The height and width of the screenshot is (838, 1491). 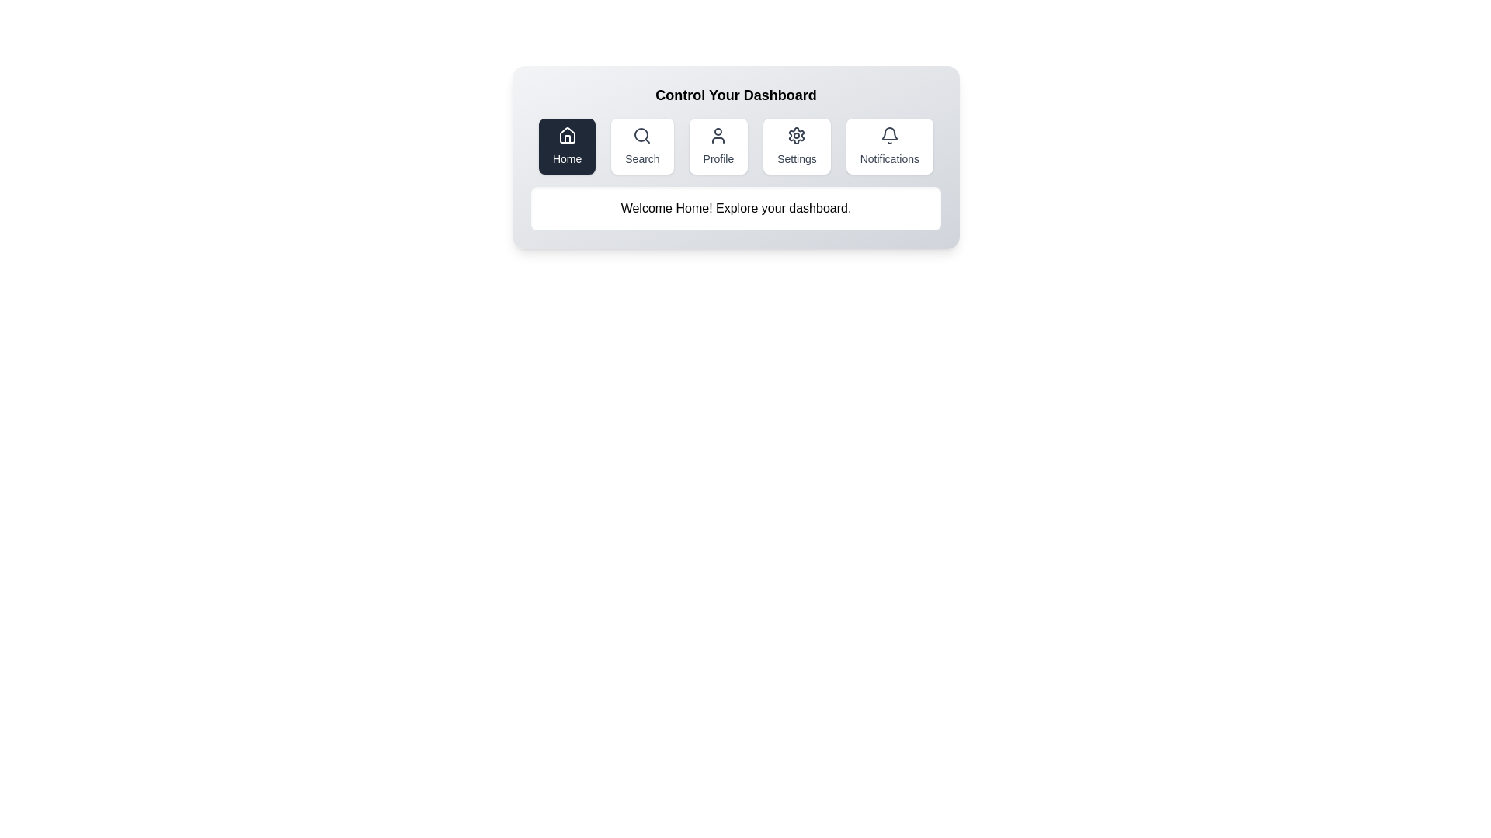 What do you see at coordinates (718, 158) in the screenshot?
I see `the text label within the user profile button located third from the left in the horizontal toolbar beneath the heading 'Control Your Dashboard'` at bounding box center [718, 158].